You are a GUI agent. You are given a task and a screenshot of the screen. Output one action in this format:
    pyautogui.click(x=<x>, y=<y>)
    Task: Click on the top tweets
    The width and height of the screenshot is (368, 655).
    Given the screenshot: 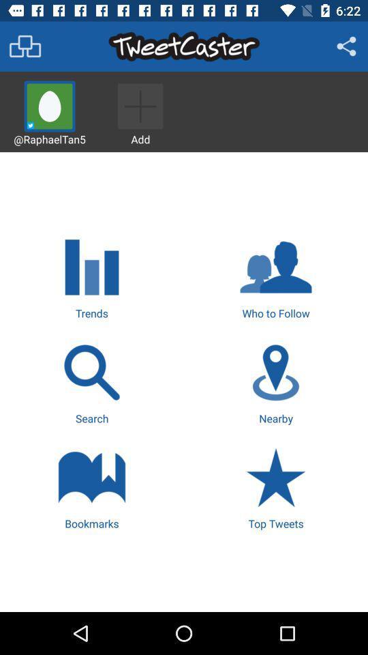 What is the action you would take?
    pyautogui.click(x=276, y=486)
    